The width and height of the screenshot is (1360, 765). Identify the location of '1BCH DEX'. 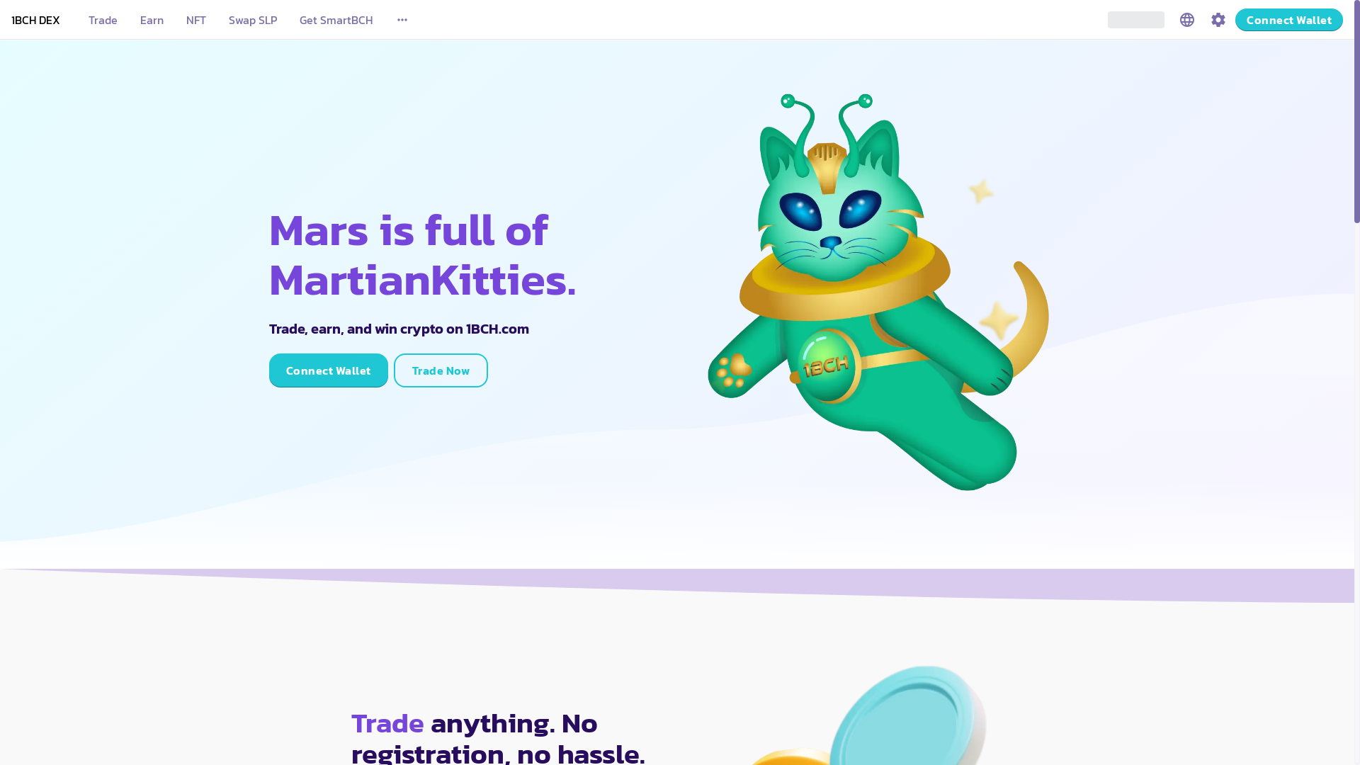
(35, 19).